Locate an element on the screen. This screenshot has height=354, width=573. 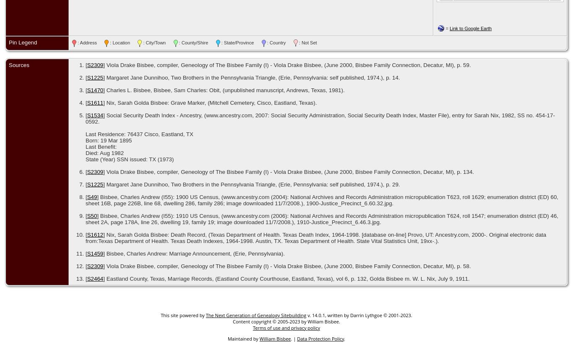
'Born: 19 Mar 1895' is located at coordinates (108, 140).